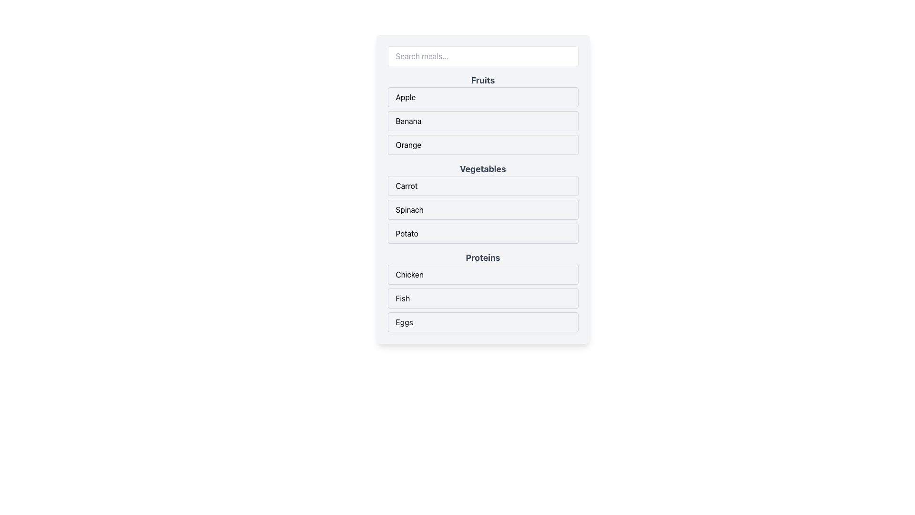 The image size is (915, 515). What do you see at coordinates (483, 257) in the screenshot?
I see `the 'Proteins' text label, which categorizes items like 'Chicken', 'Fish', and 'Eggs'` at bounding box center [483, 257].